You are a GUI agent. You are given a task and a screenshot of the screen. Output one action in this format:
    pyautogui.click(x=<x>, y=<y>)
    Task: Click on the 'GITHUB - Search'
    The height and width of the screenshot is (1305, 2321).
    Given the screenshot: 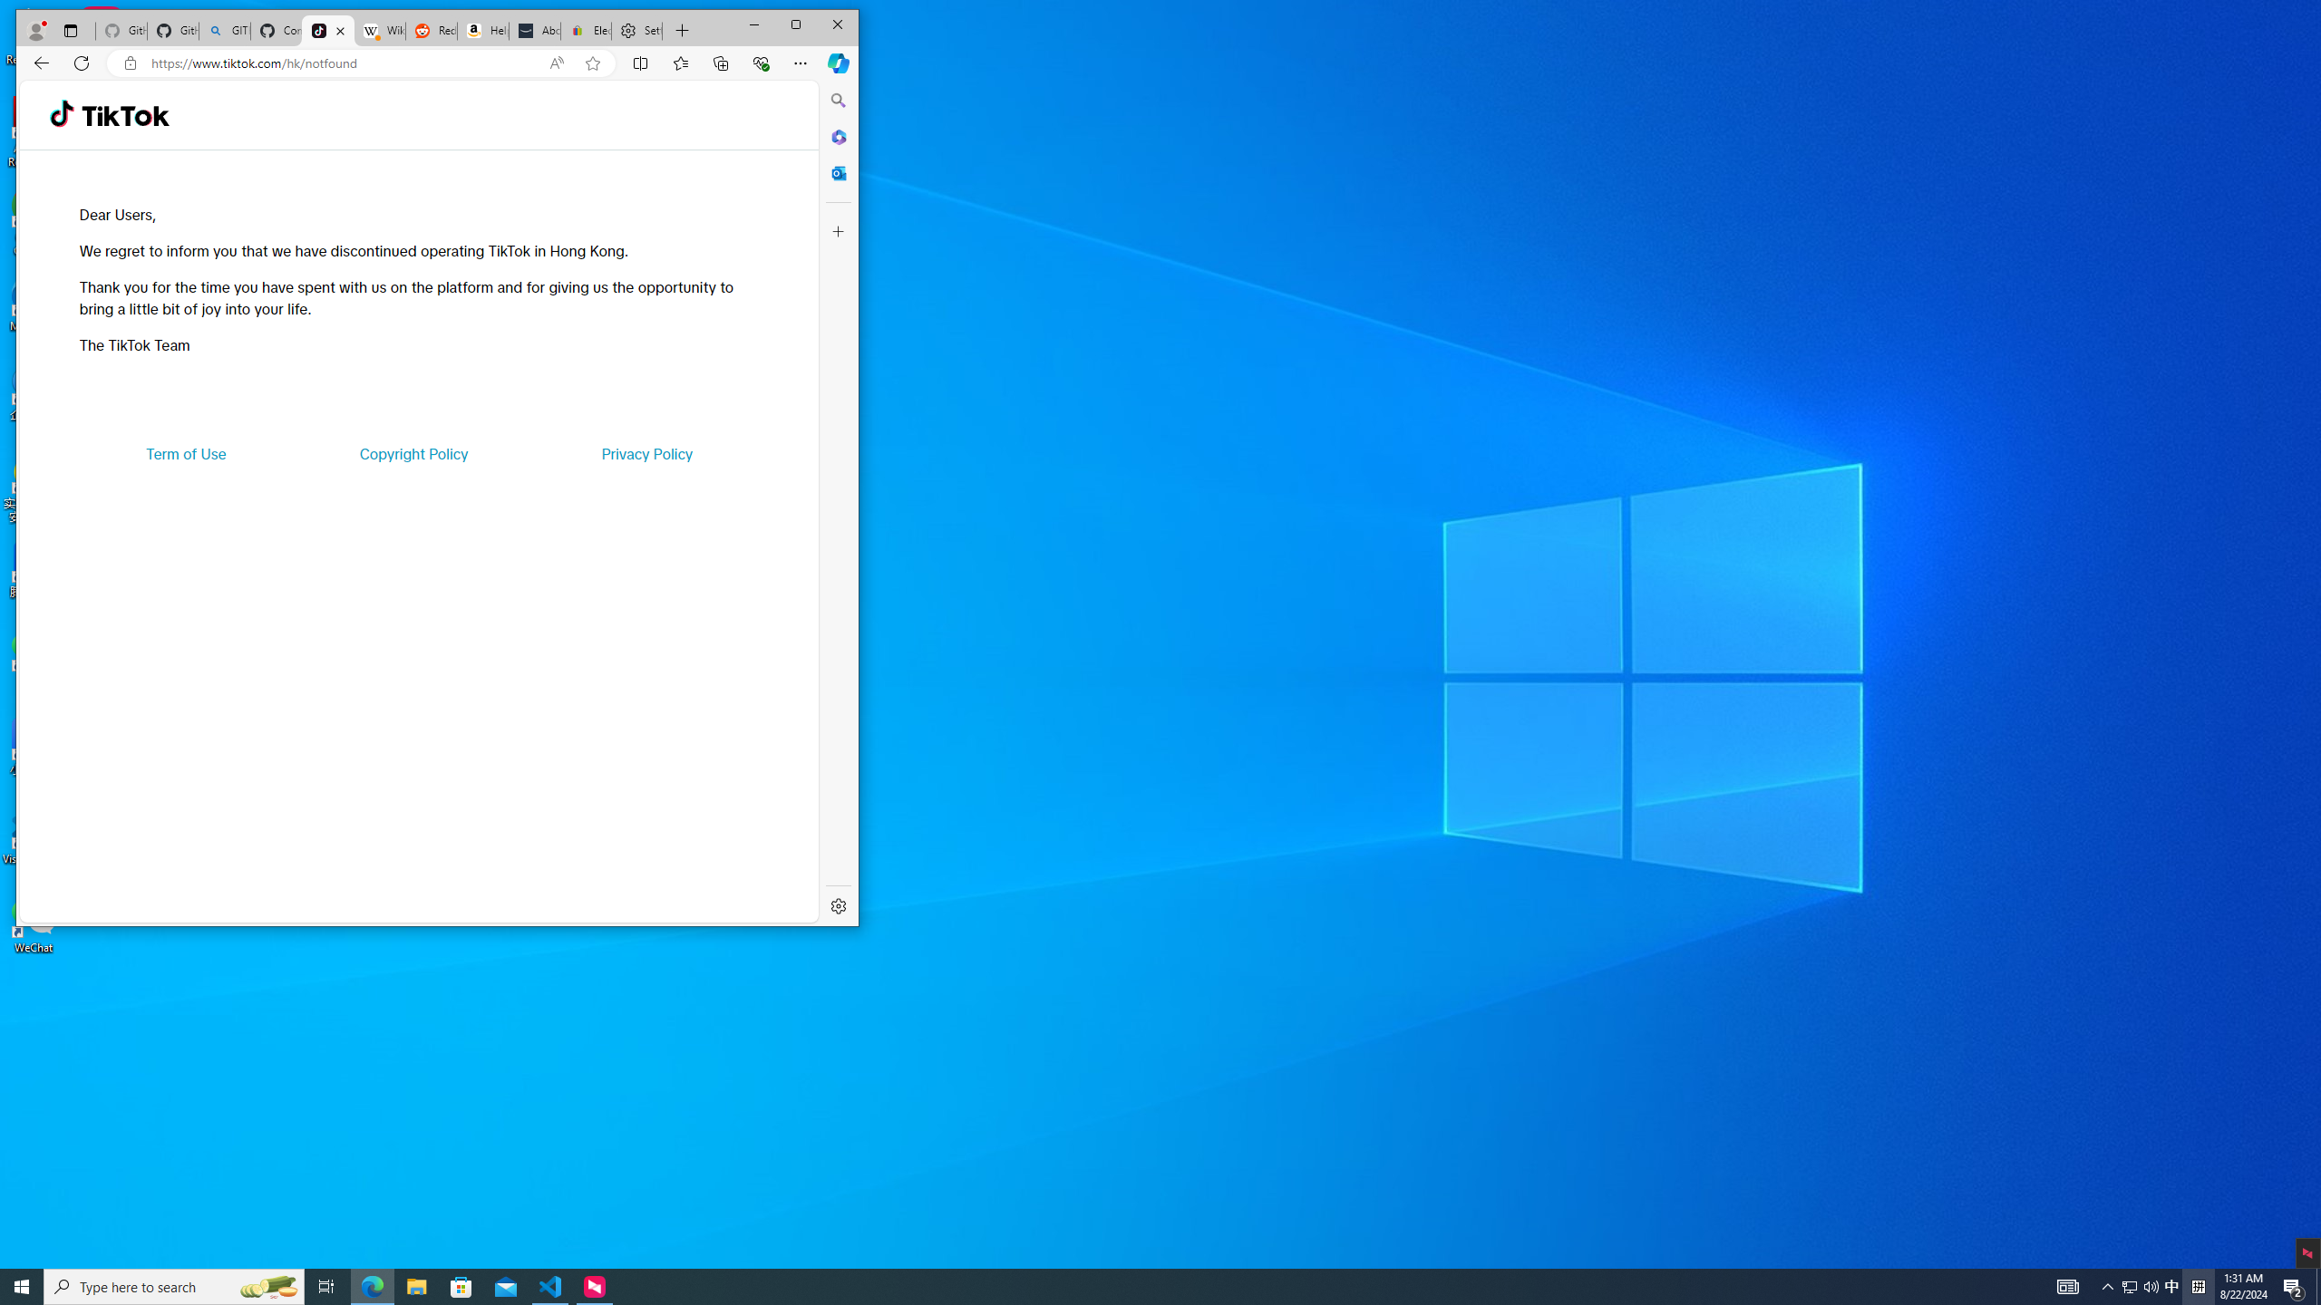 What is the action you would take?
    pyautogui.click(x=223, y=31)
    